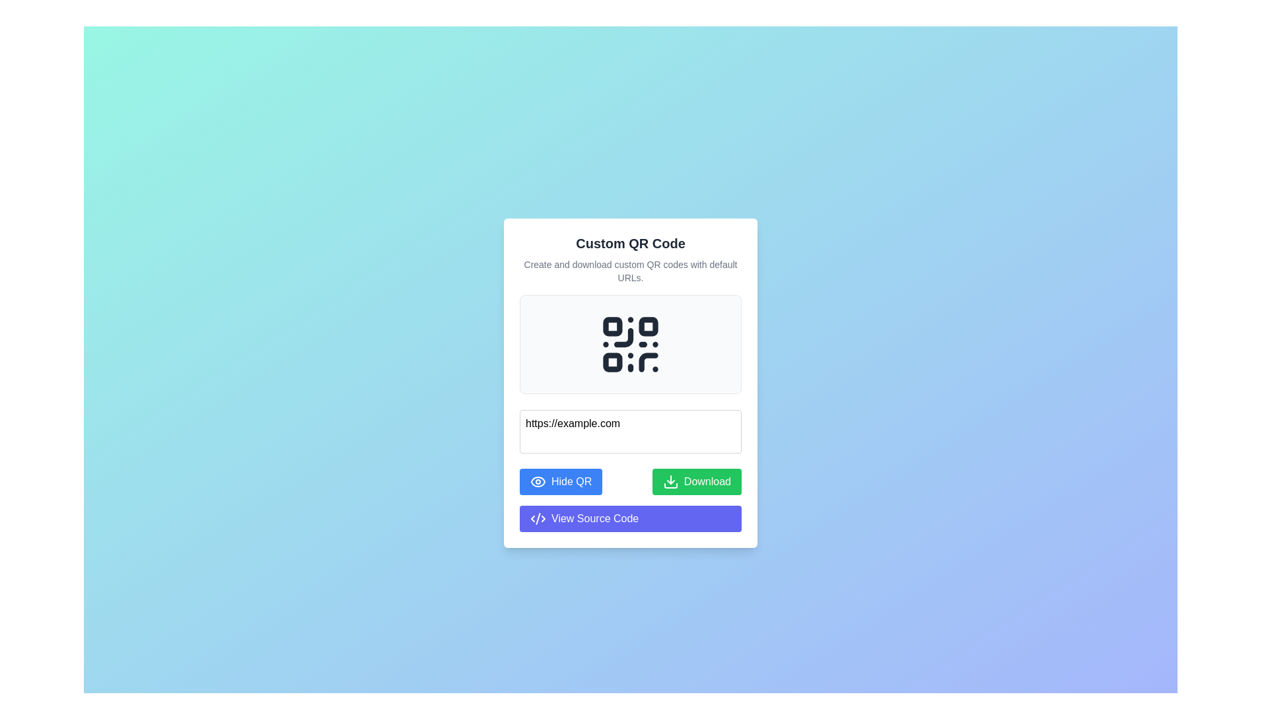  I want to click on the displayed content of the placeholder QR code located at the center of the card layout, positioned below the instruction textbox and above the URL input field, so click(630, 343).